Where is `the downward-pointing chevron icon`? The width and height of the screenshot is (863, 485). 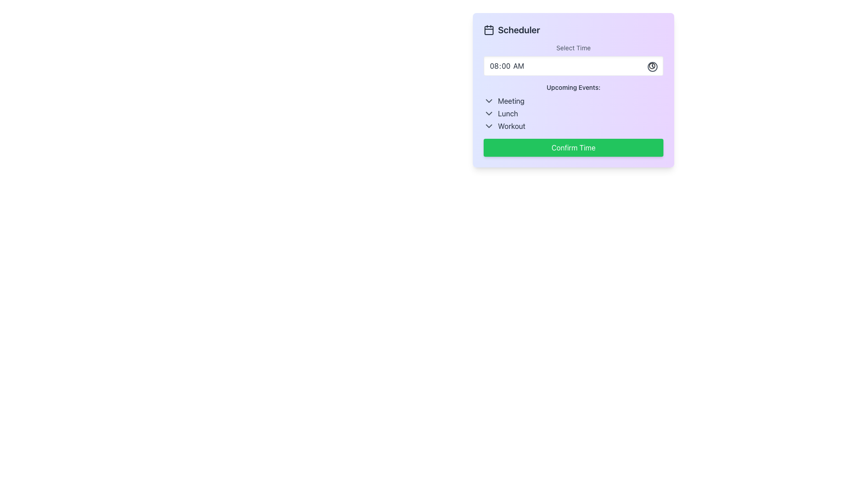
the downward-pointing chevron icon is located at coordinates (489, 101).